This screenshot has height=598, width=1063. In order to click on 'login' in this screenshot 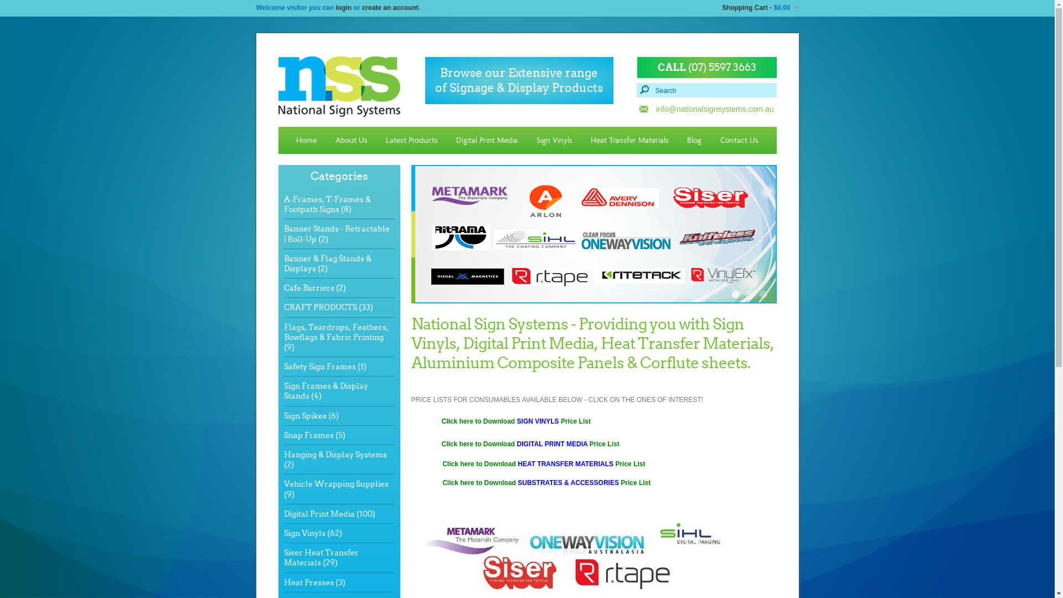, I will do `click(343, 8)`.